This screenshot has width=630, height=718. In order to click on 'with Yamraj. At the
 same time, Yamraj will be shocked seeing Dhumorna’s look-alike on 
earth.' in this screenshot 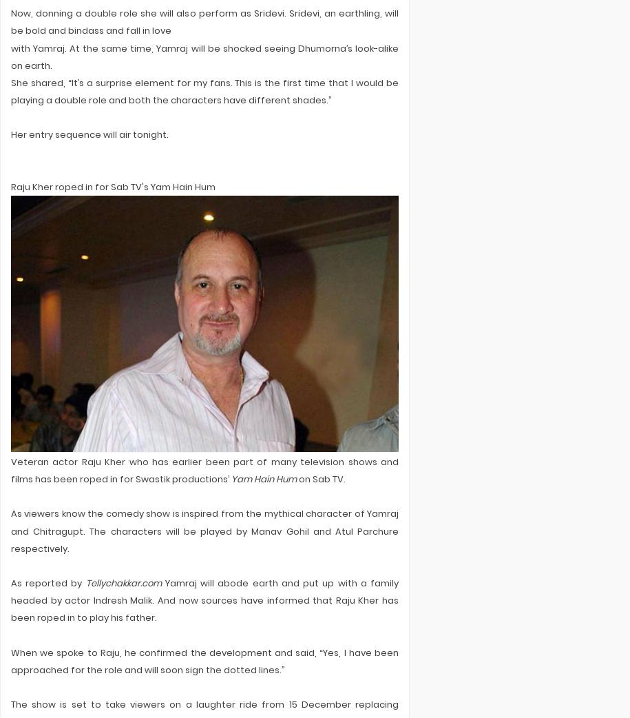, I will do `click(204, 56)`.